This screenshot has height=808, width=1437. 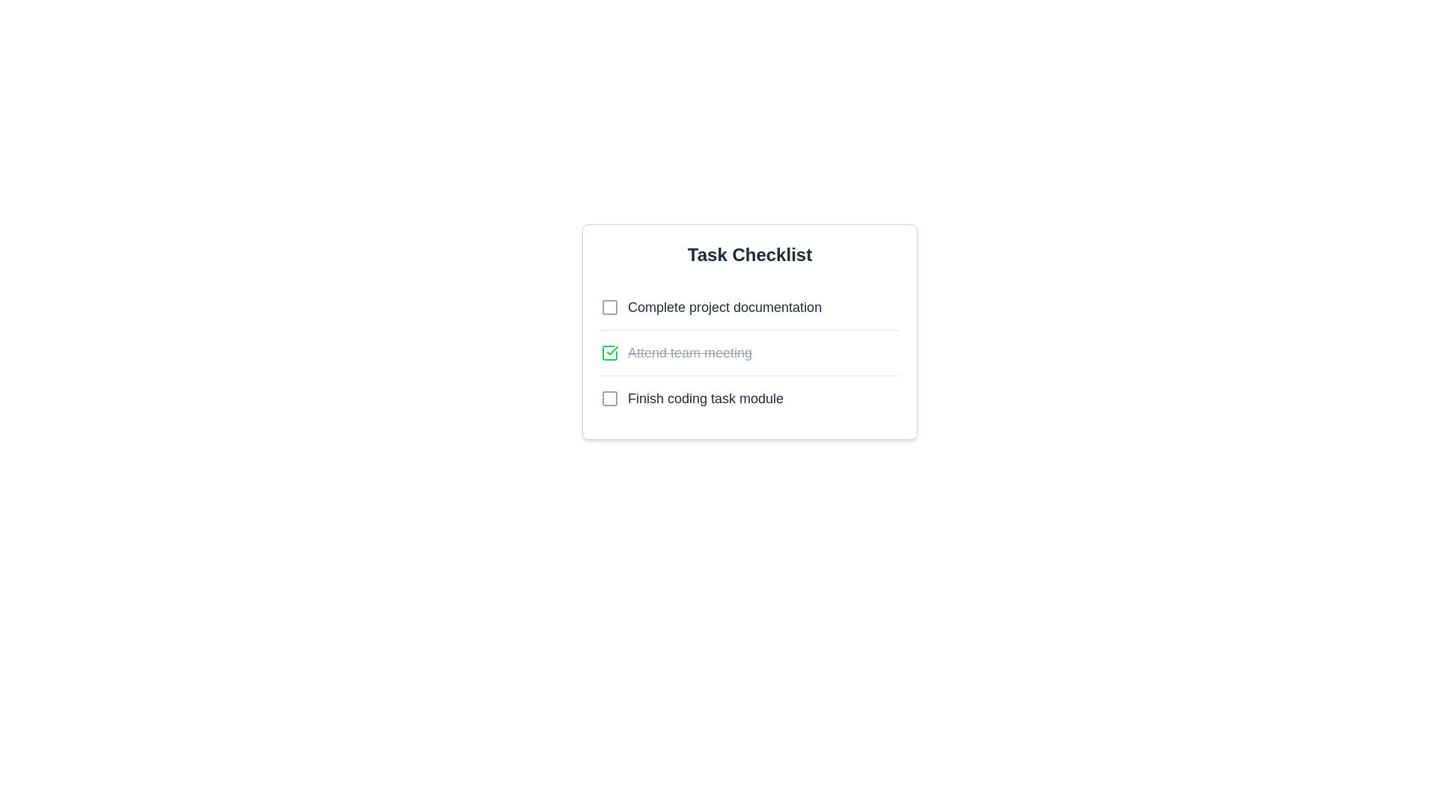 I want to click on the checkbox located next to the text 'Finish coding task module', so click(x=610, y=397).